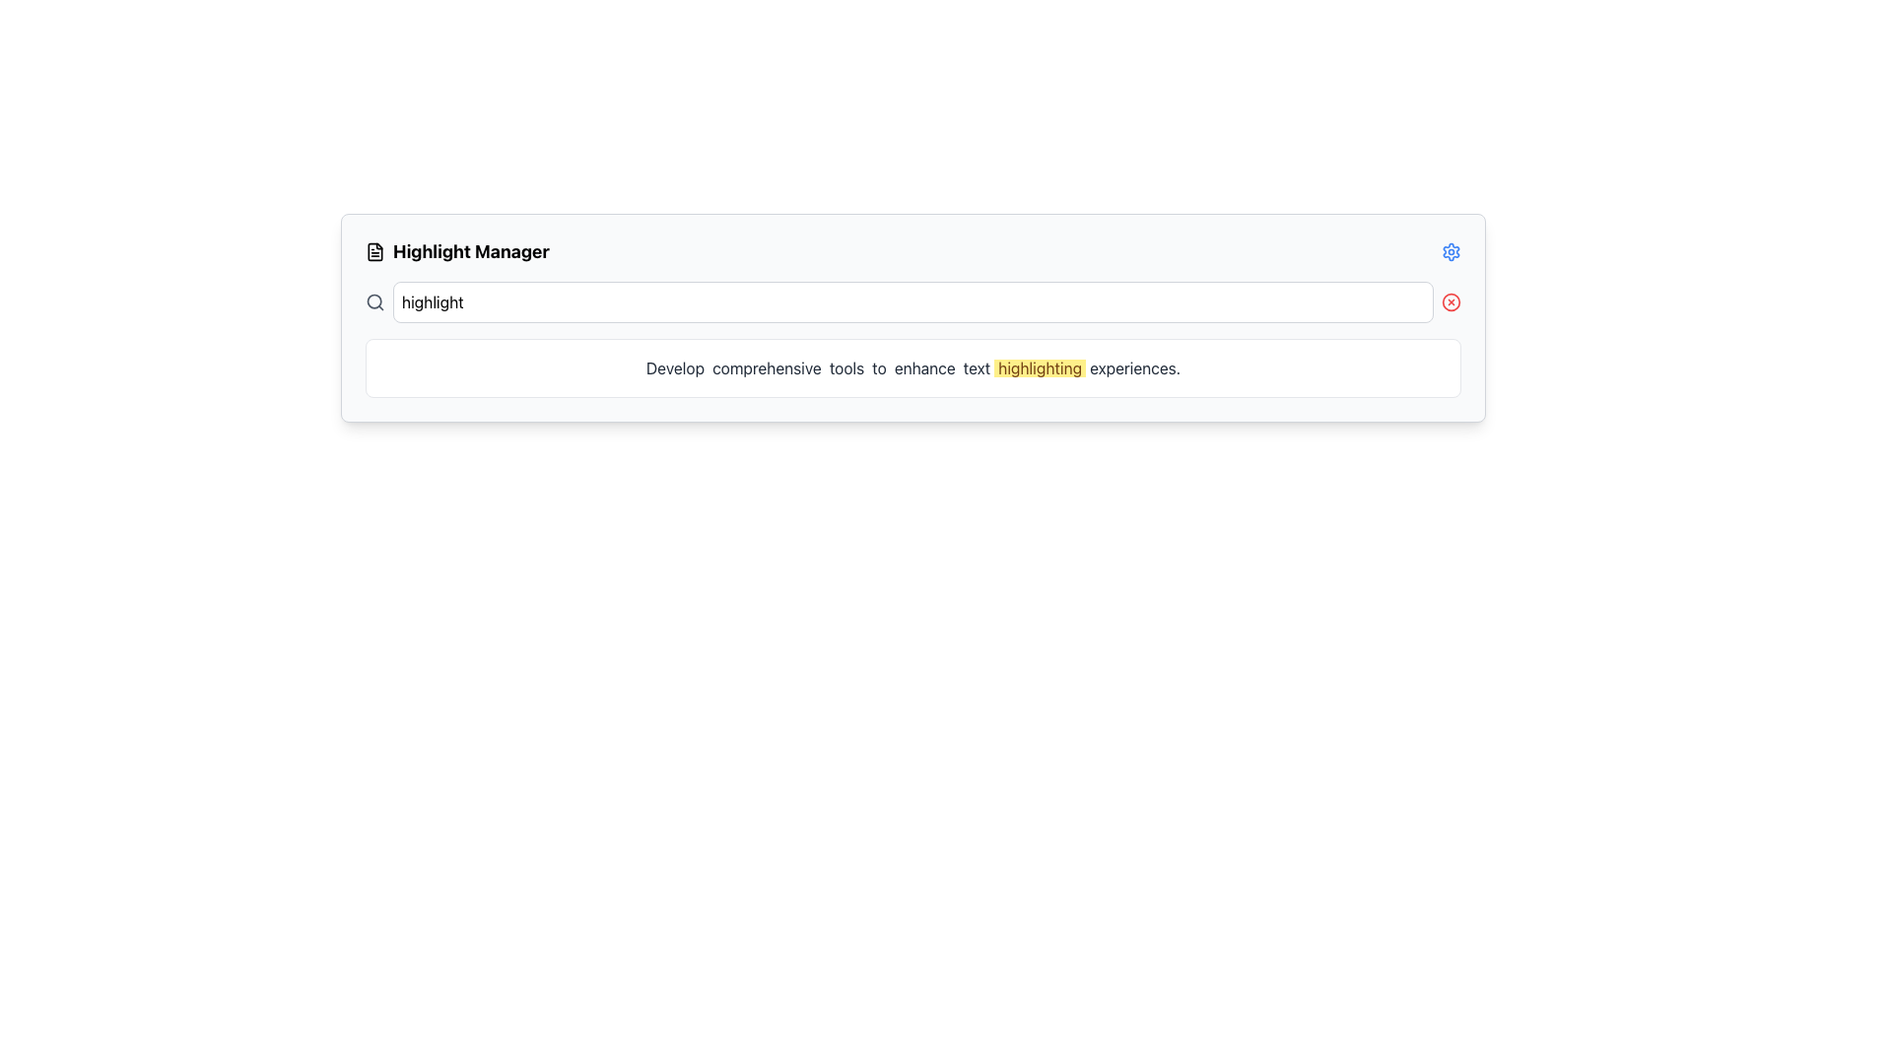  What do you see at coordinates (675, 368) in the screenshot?
I see `the text label displaying the word 'Develop' which is positioned at the beginning of the sentence 'Develop comprehensive tools to enhance text highlighting experiences.'` at bounding box center [675, 368].